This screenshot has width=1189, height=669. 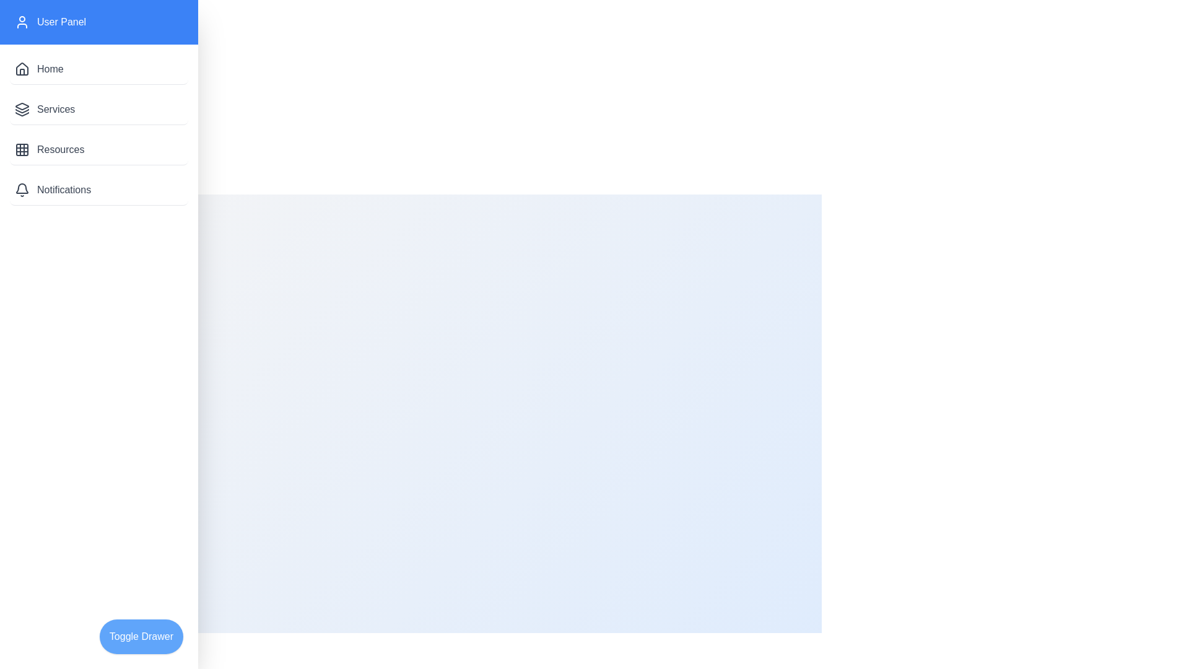 I want to click on the menu item Resources in the drawer, so click(x=98, y=149).